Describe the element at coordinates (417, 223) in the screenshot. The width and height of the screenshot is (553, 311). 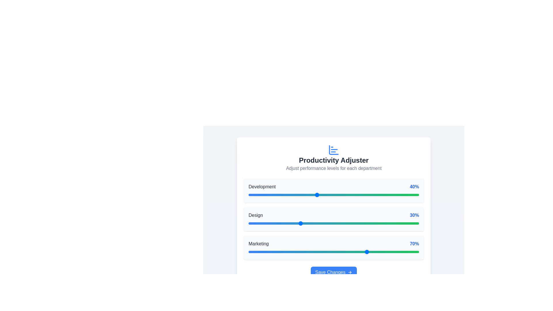
I see `the slider` at that location.